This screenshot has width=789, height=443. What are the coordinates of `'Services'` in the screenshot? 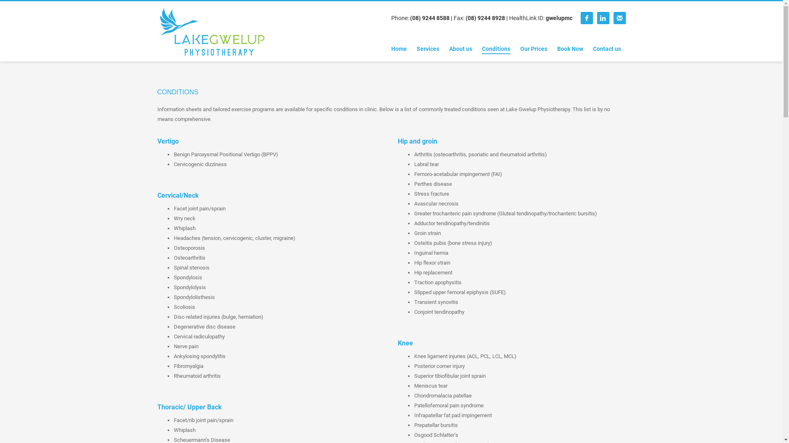 It's located at (412, 49).